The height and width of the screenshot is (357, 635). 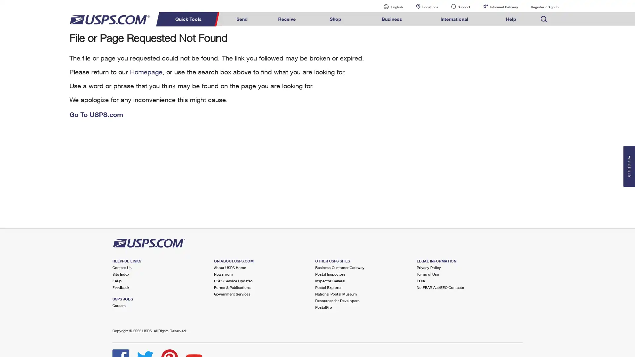 I want to click on Search, so click(x=476, y=178).